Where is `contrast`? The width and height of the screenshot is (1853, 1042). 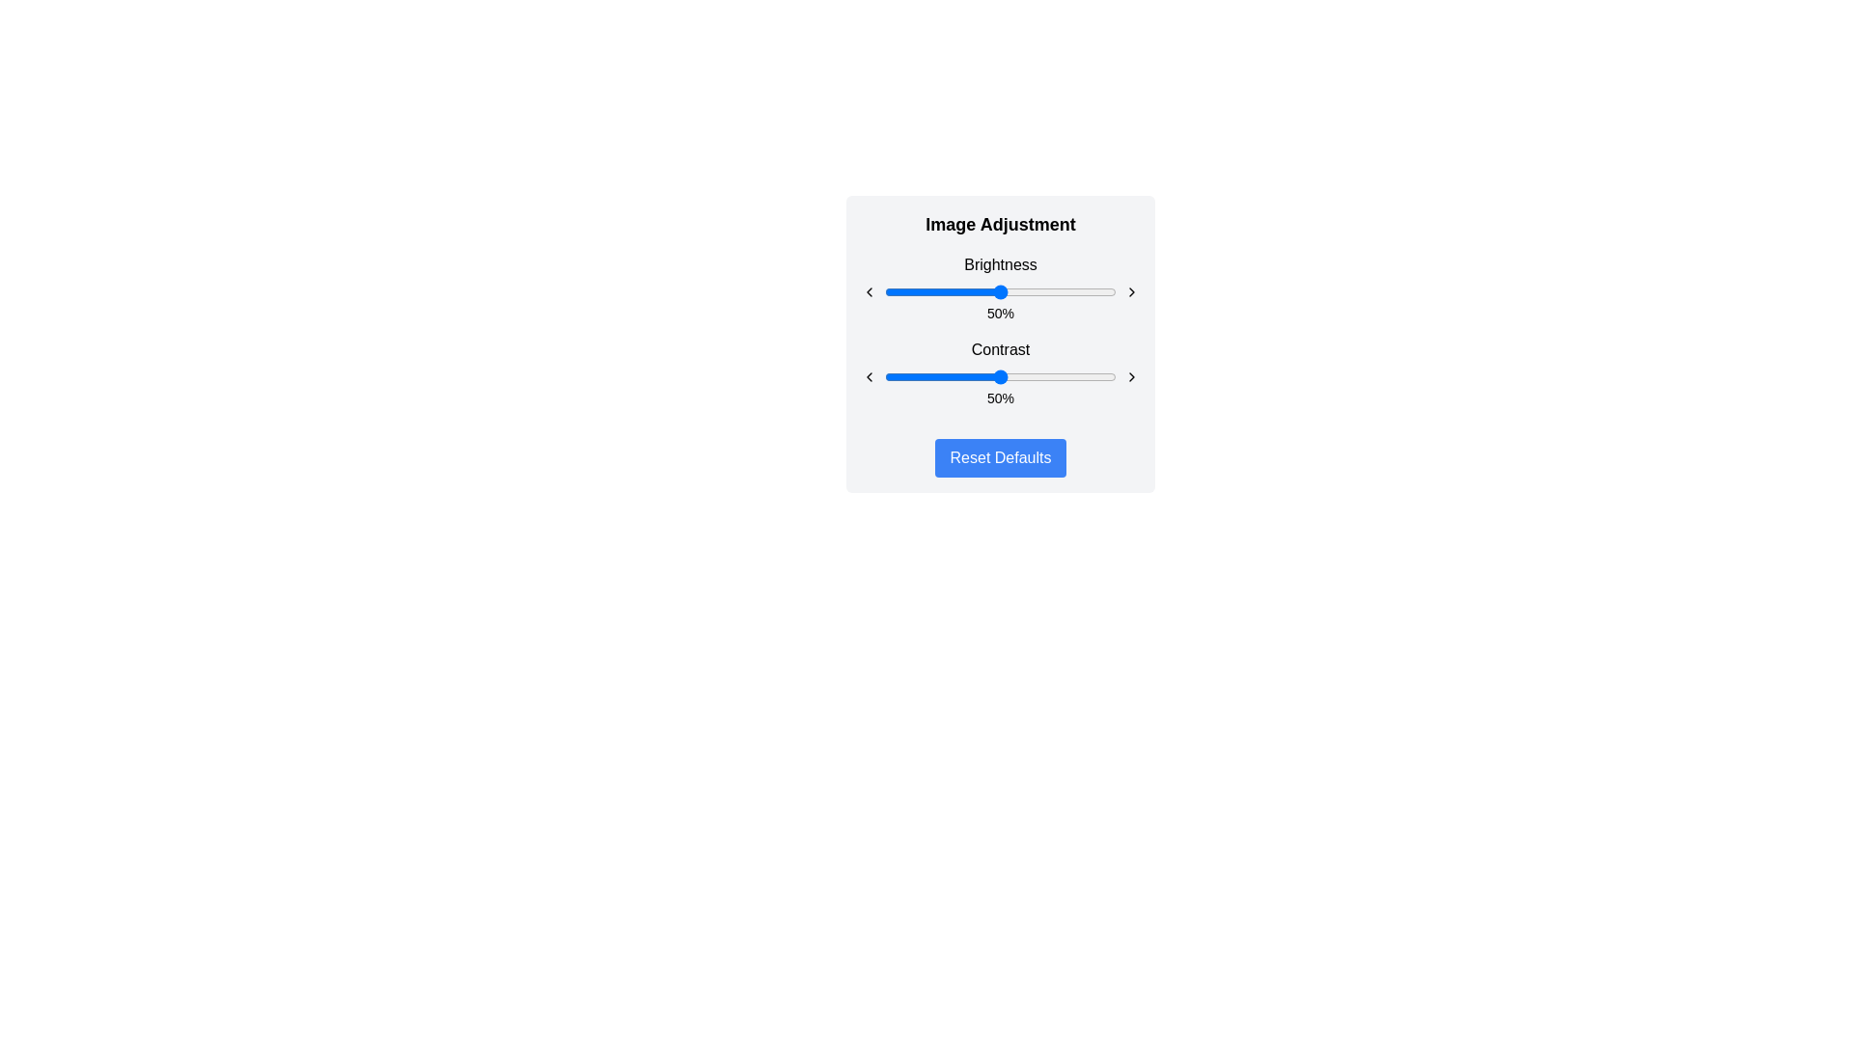
contrast is located at coordinates (1015, 376).